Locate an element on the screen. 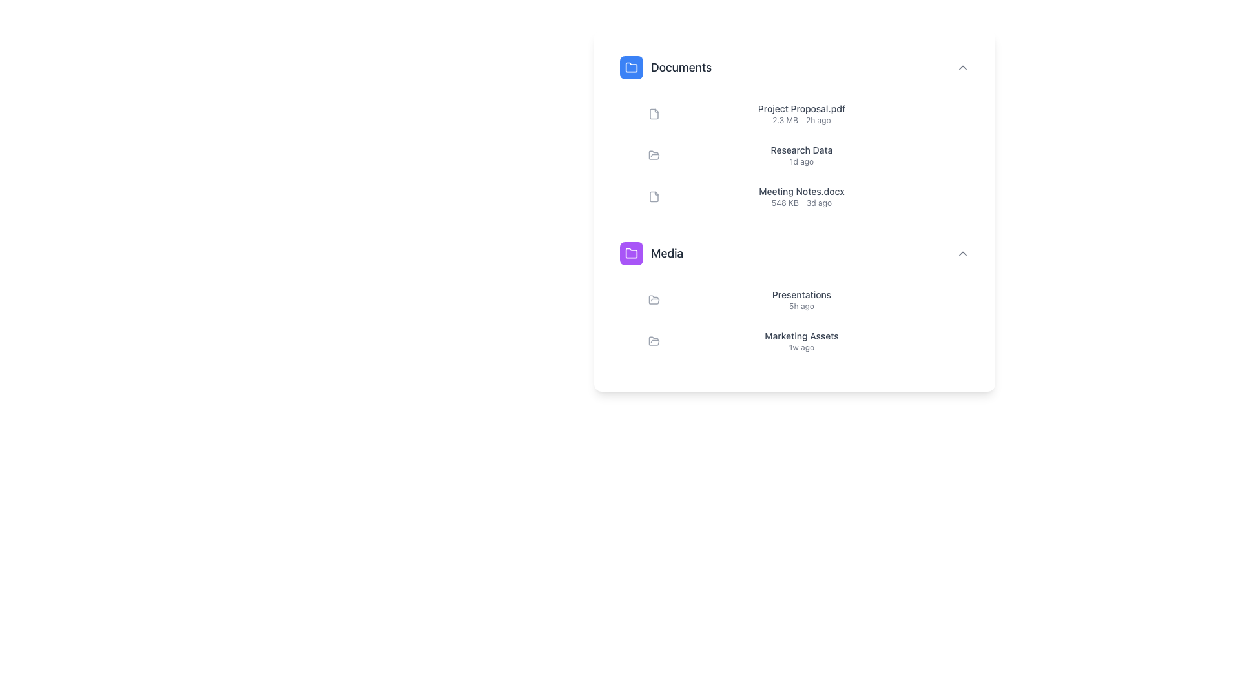 This screenshot has height=697, width=1240. the Ellipsis menu (three dots) located to the far-right end of the 'Research Data' row, adjacent to the '1d ago' timestamp is located at coordinates (954, 154).